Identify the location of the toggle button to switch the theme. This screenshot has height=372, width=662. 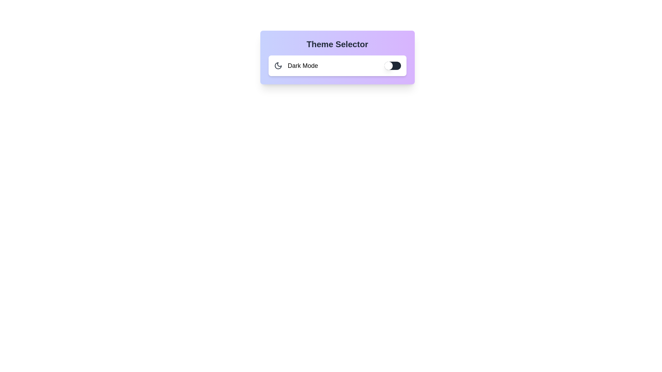
(392, 66).